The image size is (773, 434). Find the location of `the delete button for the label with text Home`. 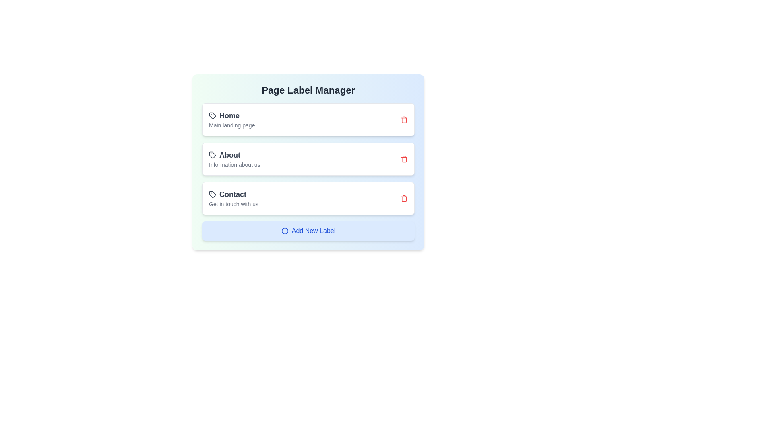

the delete button for the label with text Home is located at coordinates (404, 119).